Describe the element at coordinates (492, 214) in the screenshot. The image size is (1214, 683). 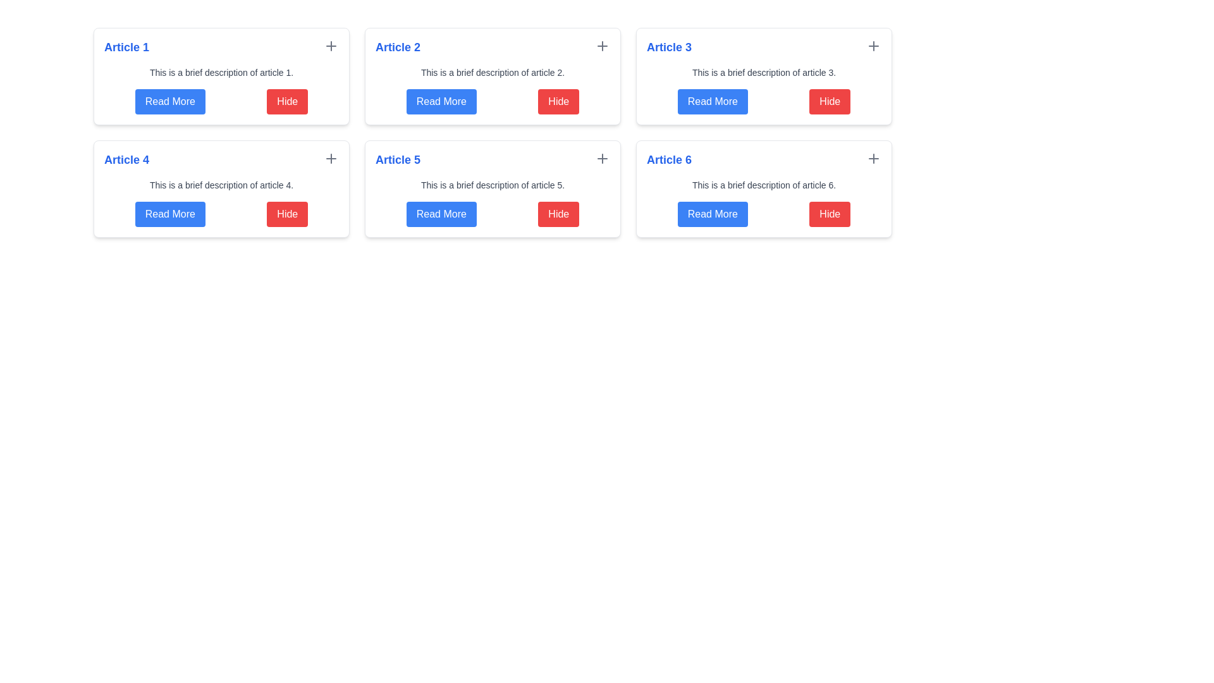
I see `the 'Read More' button located at the bottom part of the 'Article 5' card, just beneath the brief article description` at that location.